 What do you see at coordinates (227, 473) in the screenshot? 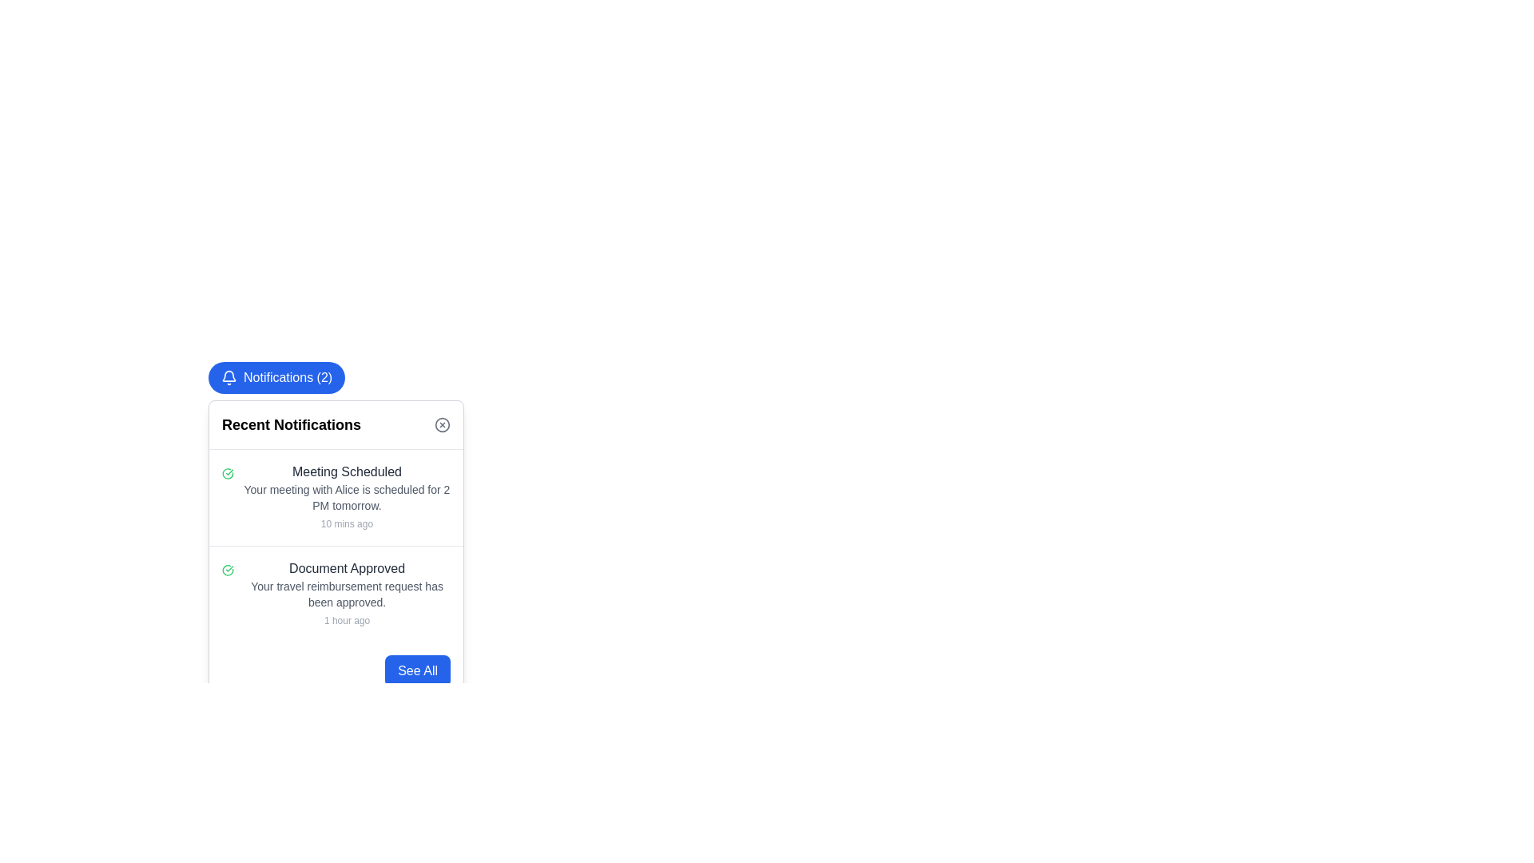
I see `the circular green outlined icon with a checkmark, which indicates success, positioned to the left of the 'Meeting Scheduled' text in the notifications list` at bounding box center [227, 473].